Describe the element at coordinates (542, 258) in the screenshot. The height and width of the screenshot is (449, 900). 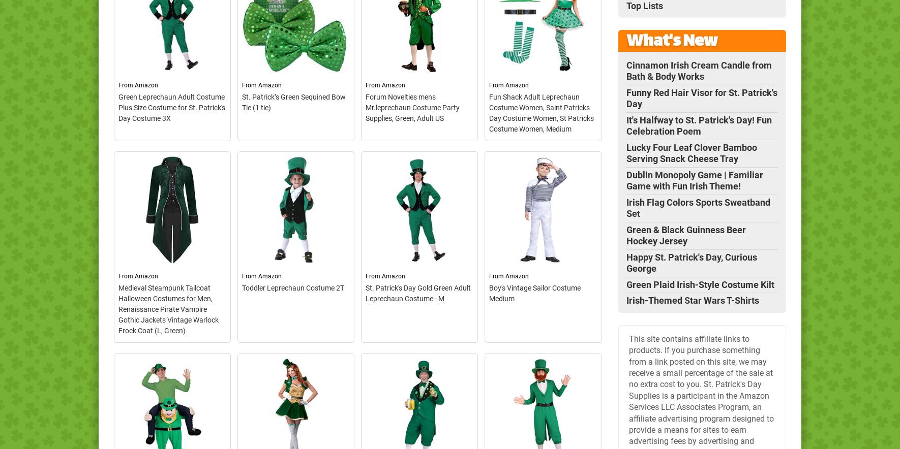
I see `'–    St patricks day women costume includes a green clover-print dress, striped knee-high socks and a large green top hat.; Available in sizes Small 4-6, Medium 8-10,...'` at that location.